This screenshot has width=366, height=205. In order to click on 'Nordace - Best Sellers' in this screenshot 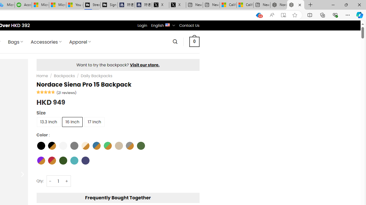, I will do `click(279, 5)`.